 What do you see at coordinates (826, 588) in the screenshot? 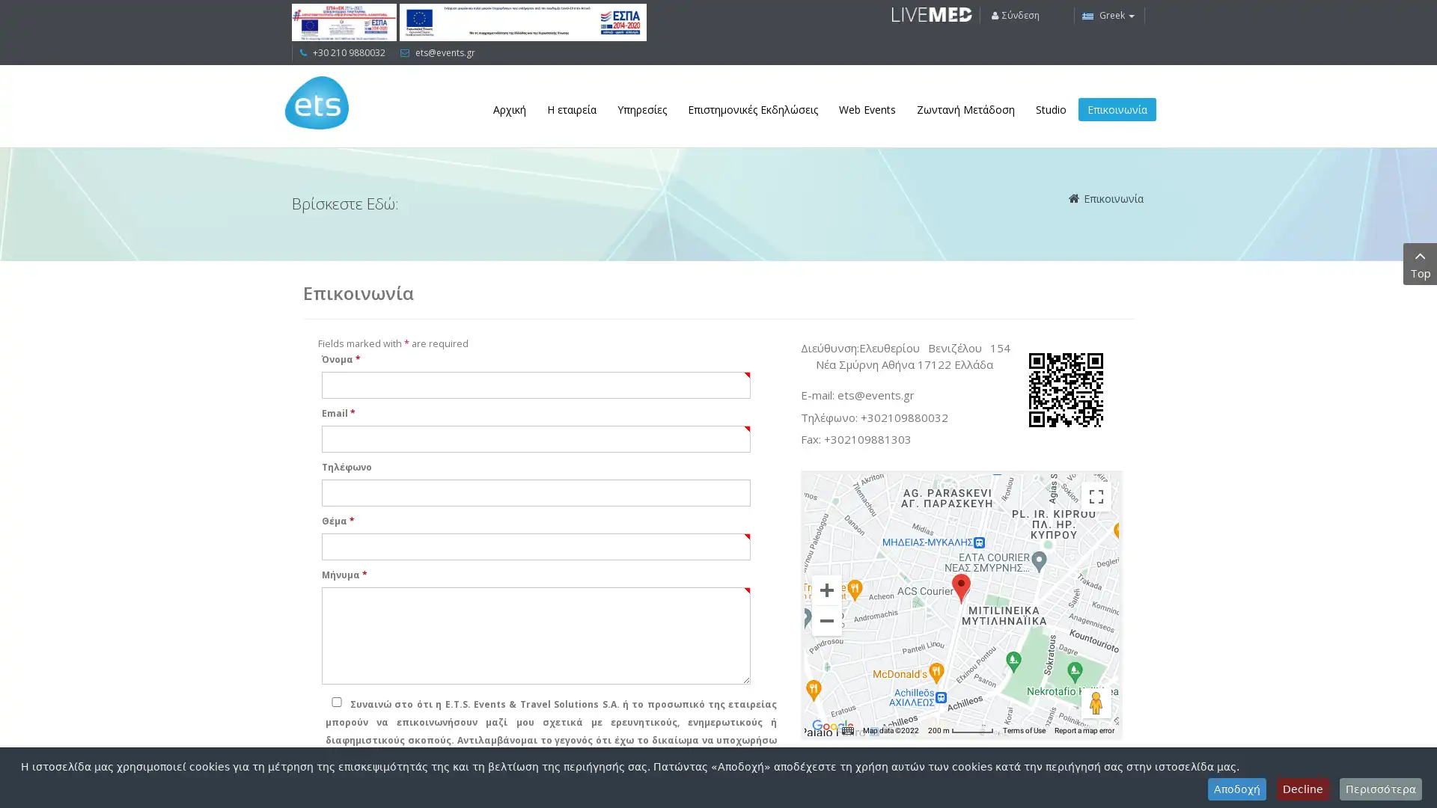
I see `Zoom in` at bounding box center [826, 588].